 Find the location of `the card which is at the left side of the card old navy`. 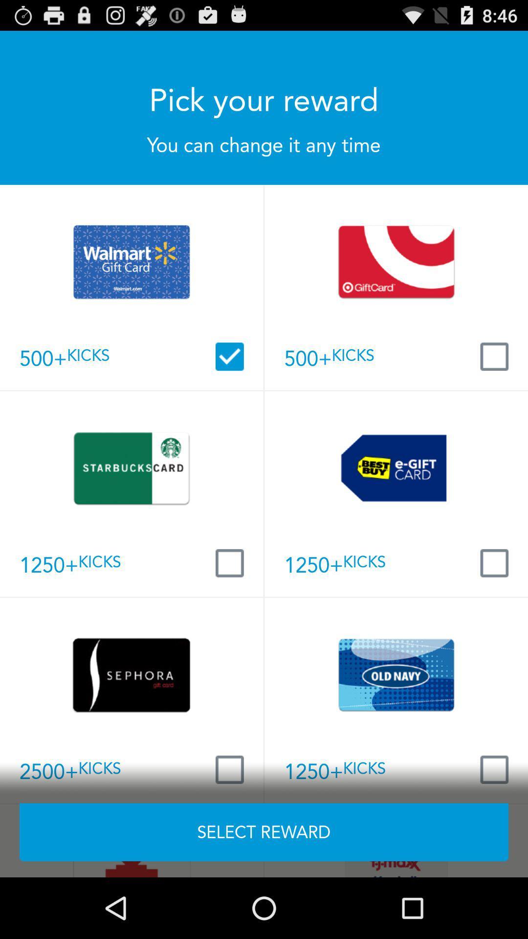

the card which is at the left side of the card old navy is located at coordinates (131, 674).